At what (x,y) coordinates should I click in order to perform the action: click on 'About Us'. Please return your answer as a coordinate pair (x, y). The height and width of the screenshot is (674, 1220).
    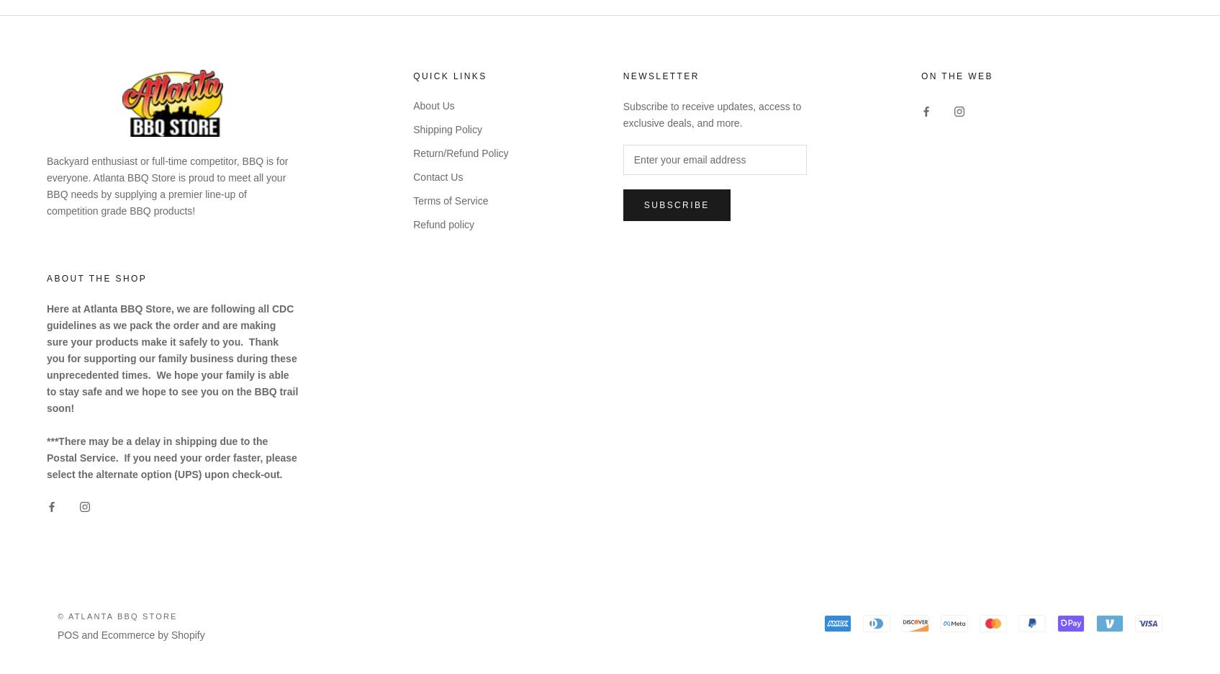
    Looking at the image, I should click on (433, 105).